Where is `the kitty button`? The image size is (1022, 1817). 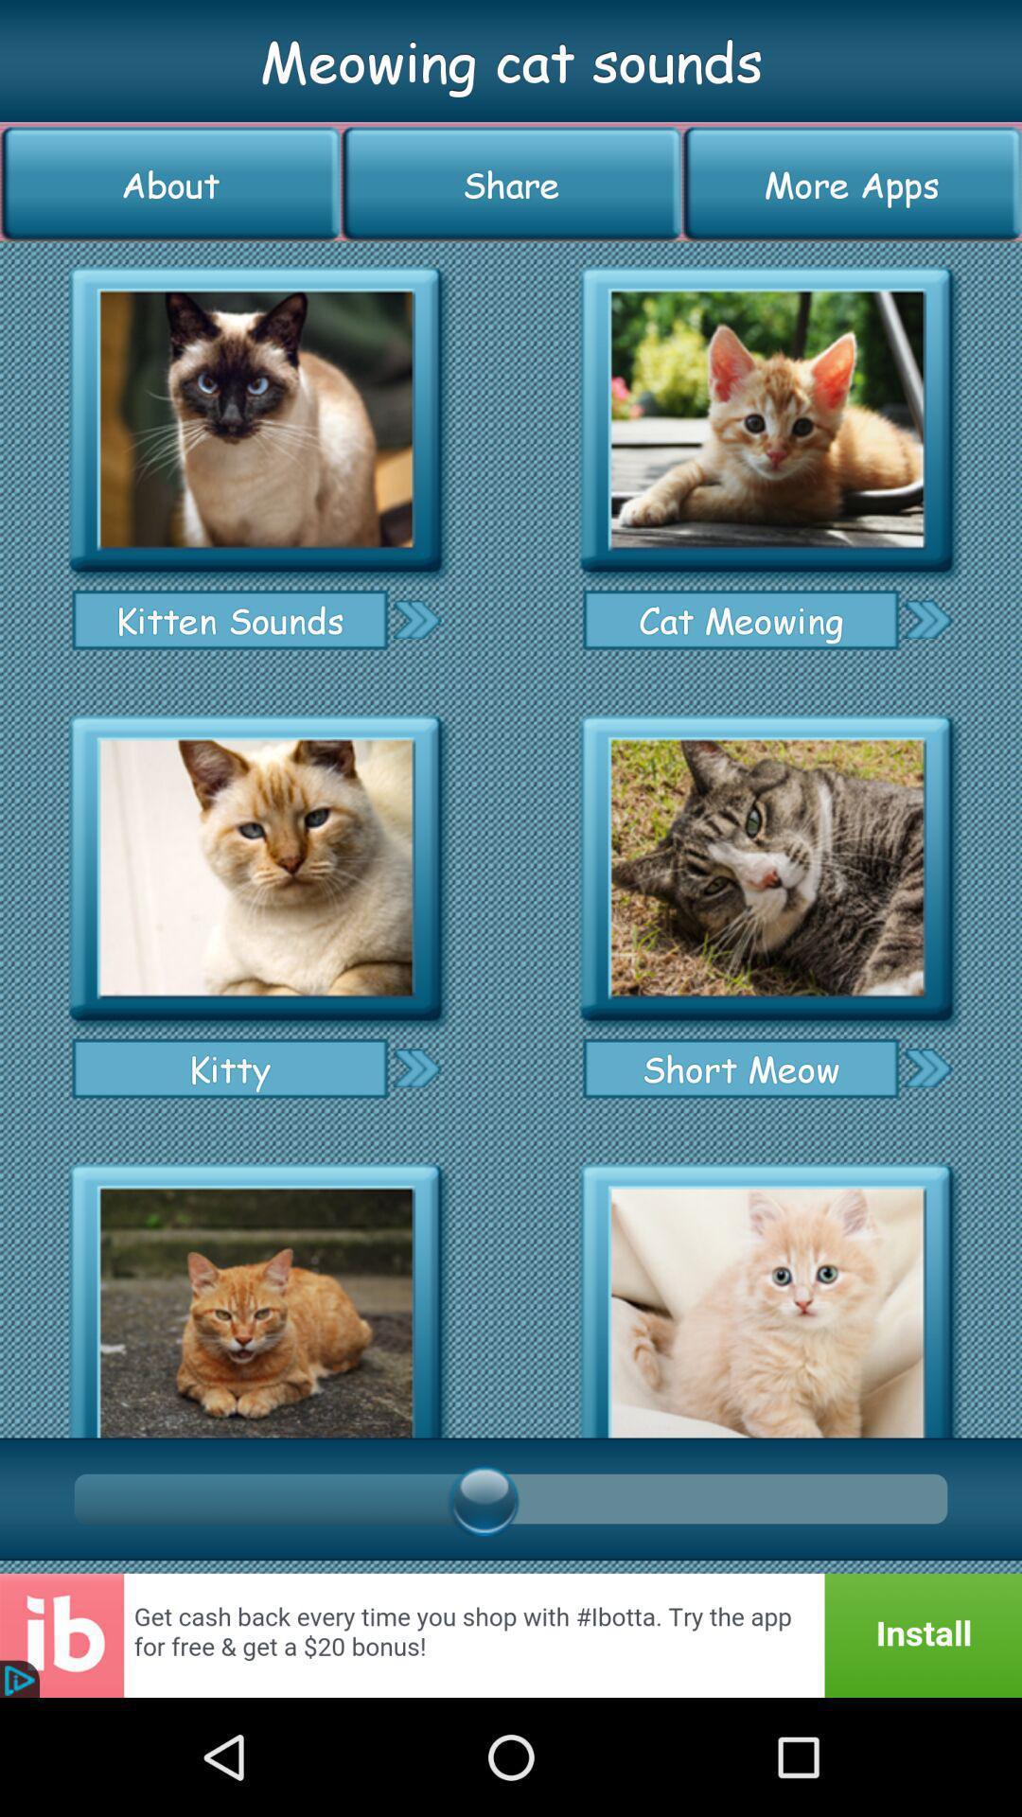 the kitty button is located at coordinates (229, 1068).